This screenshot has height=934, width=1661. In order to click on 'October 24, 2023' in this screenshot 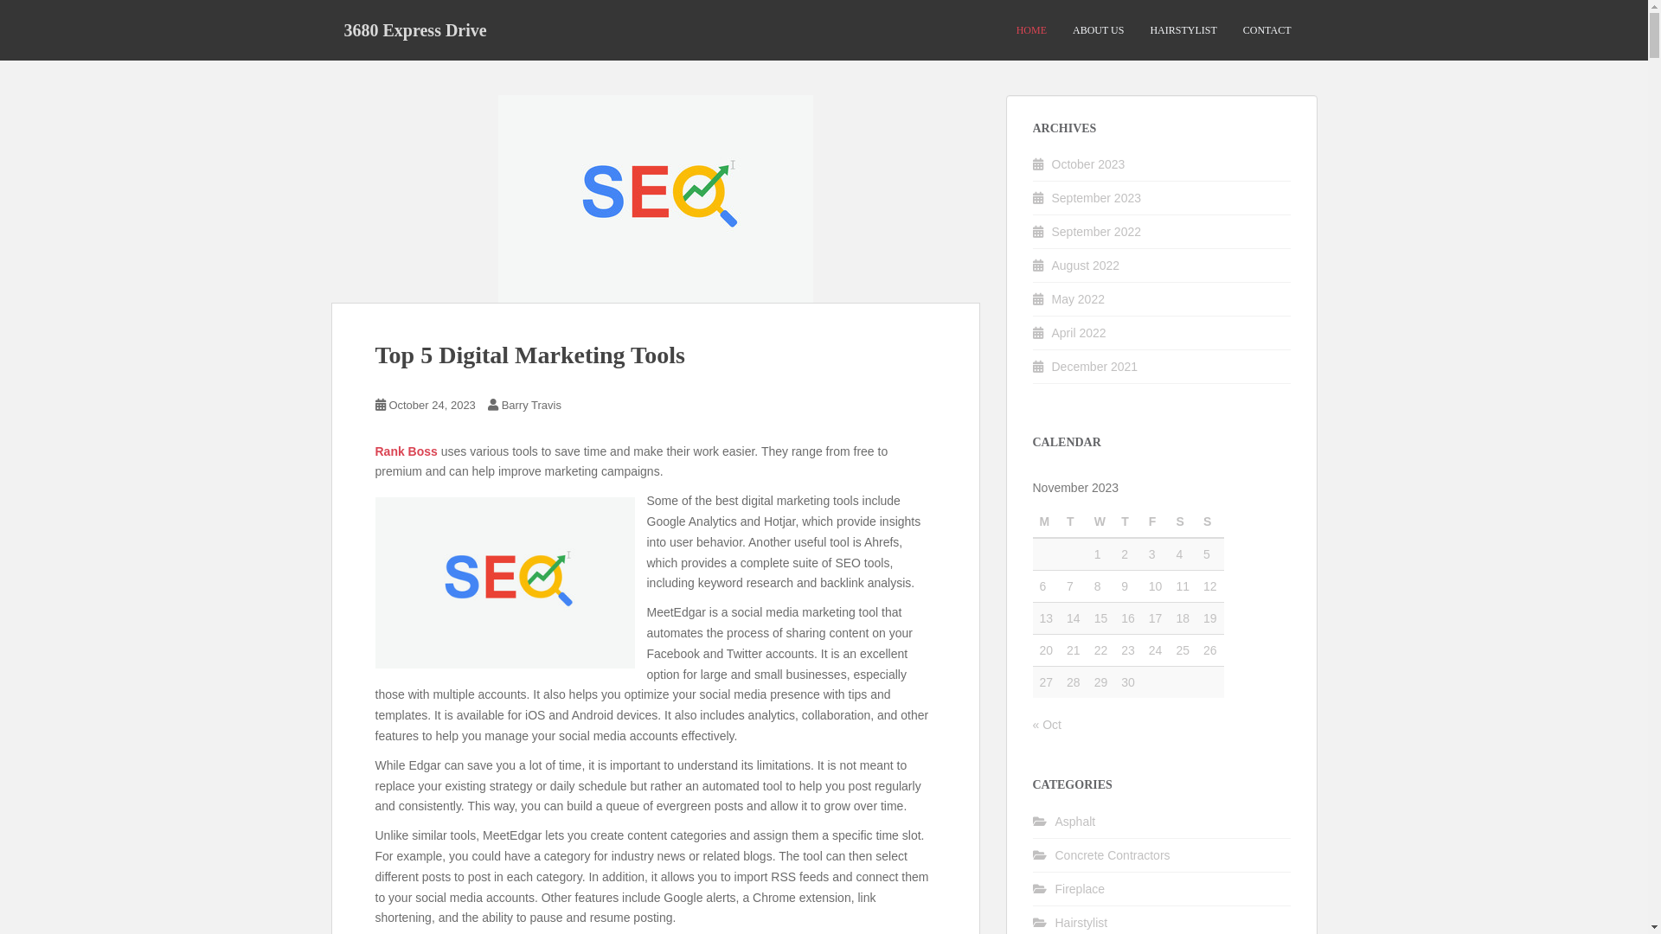, I will do `click(432, 405)`.